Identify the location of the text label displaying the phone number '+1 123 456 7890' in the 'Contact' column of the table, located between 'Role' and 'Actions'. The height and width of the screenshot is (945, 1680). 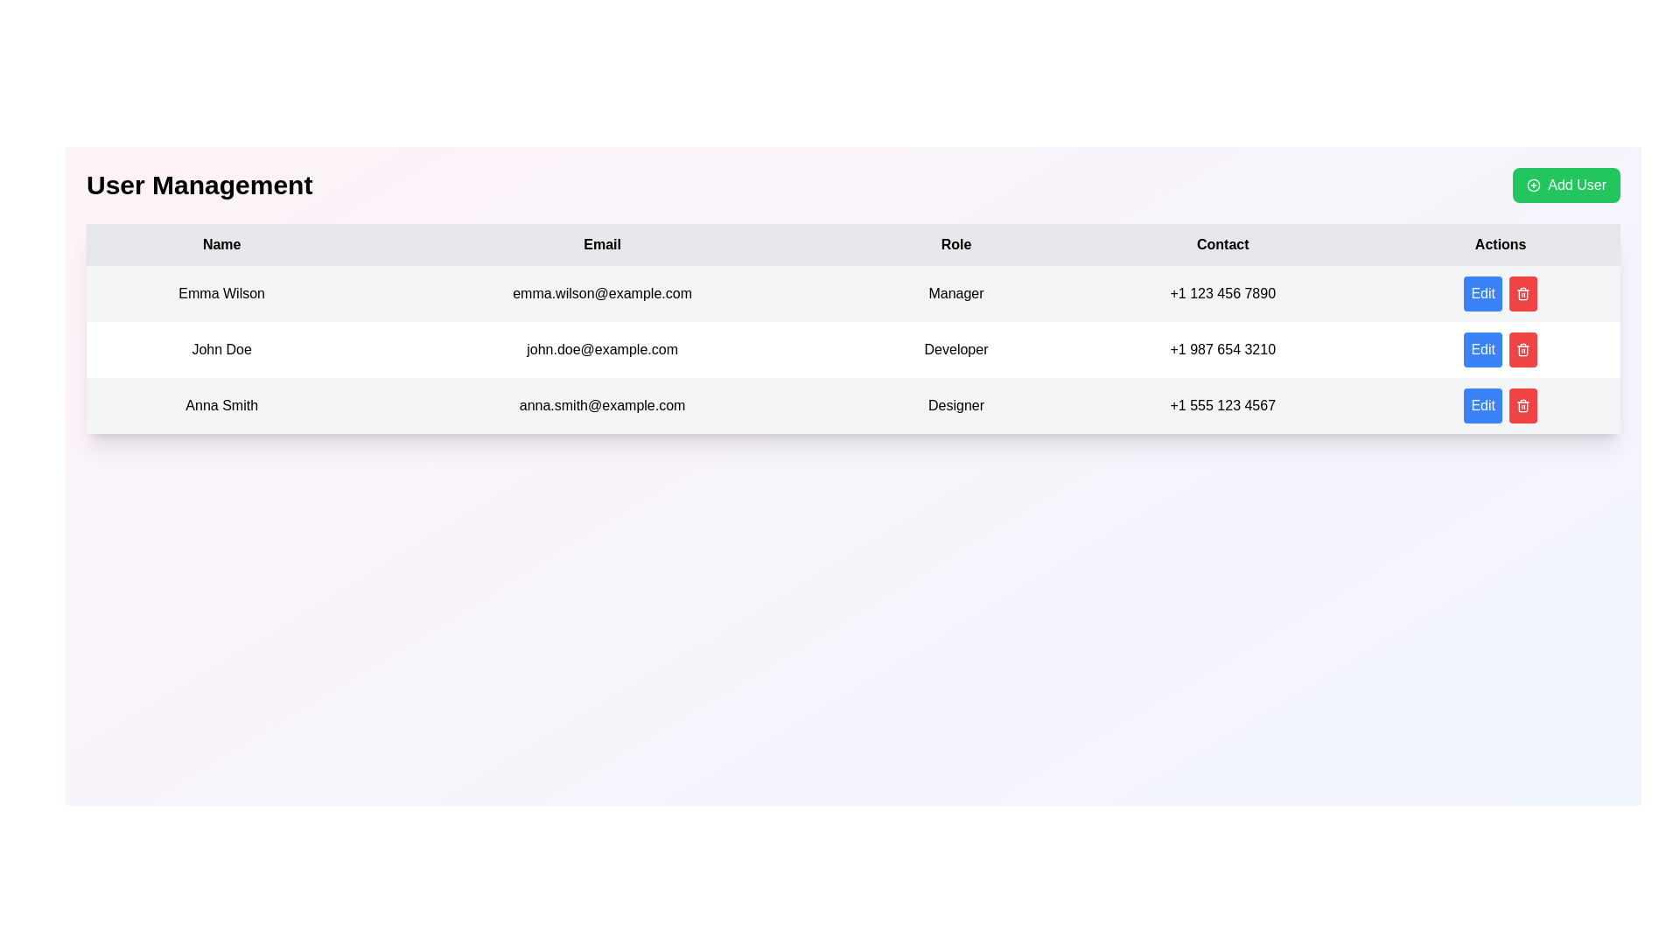
(1221, 292).